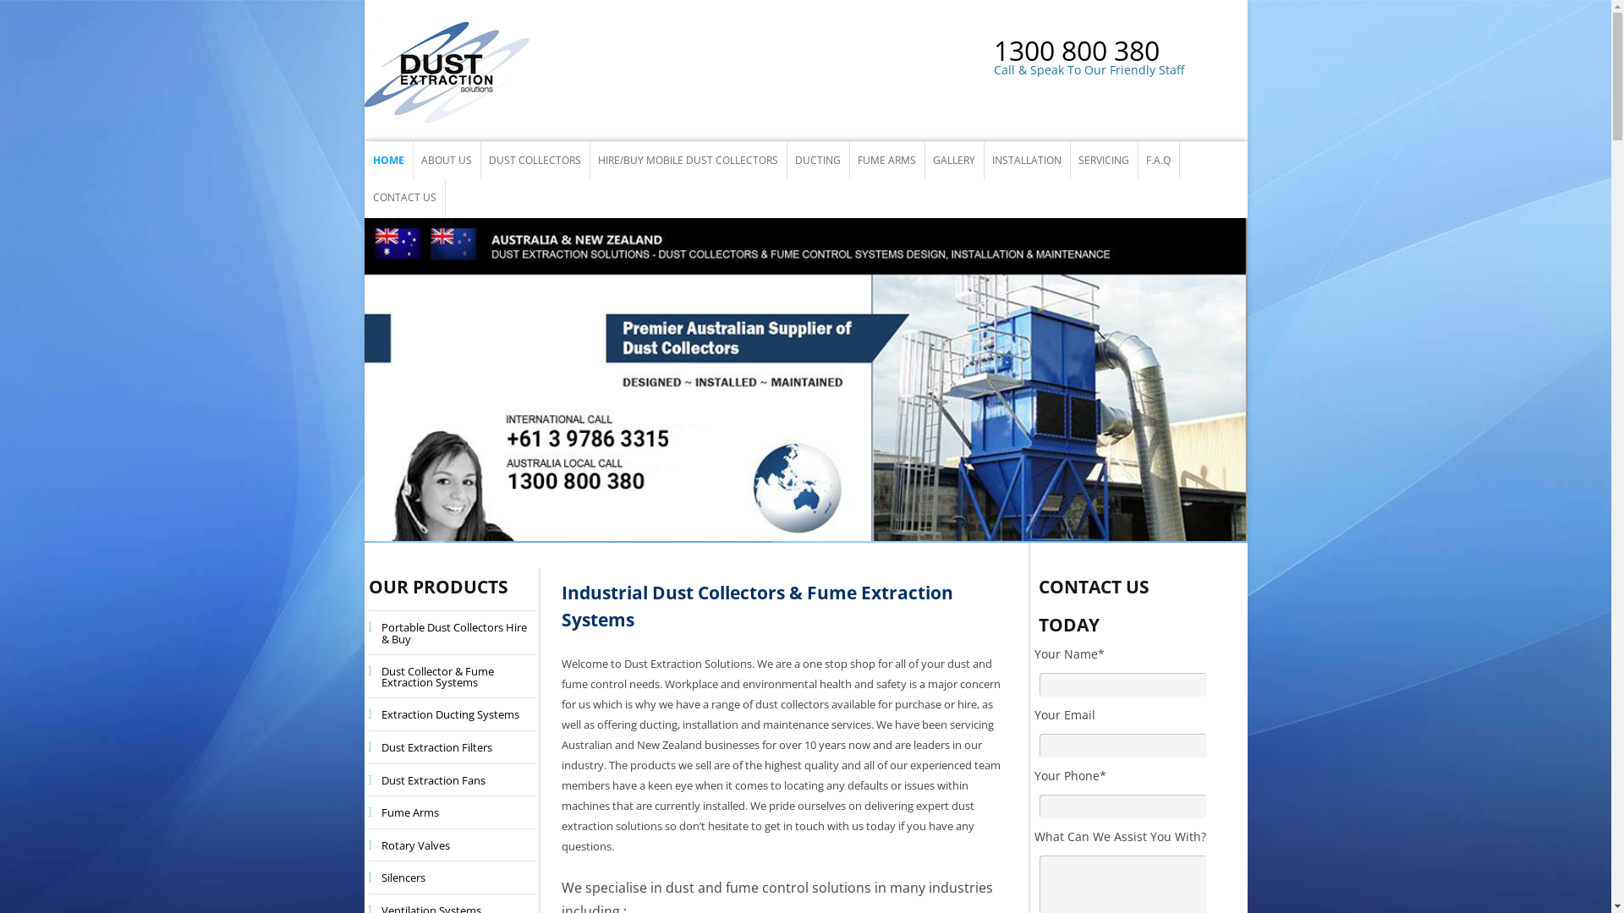  What do you see at coordinates (410, 845) in the screenshot?
I see `'Rotary Valves'` at bounding box center [410, 845].